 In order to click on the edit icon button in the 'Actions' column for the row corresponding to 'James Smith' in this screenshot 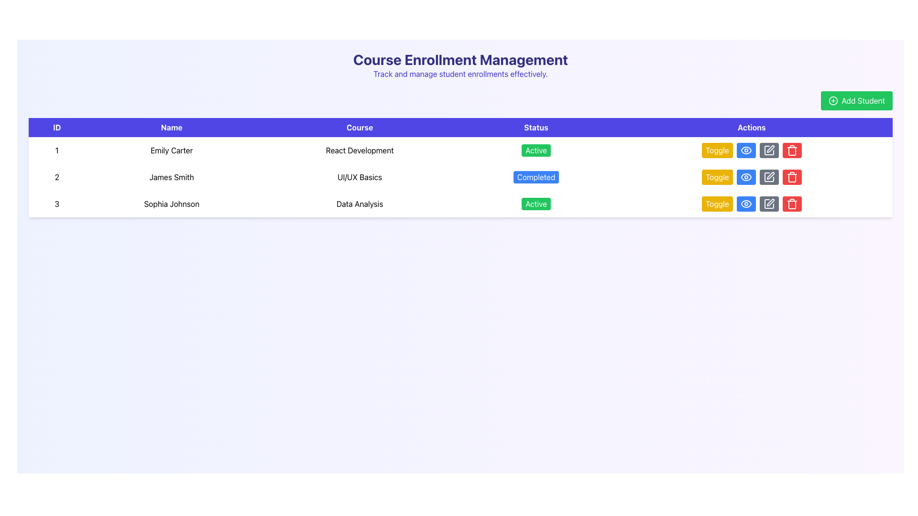, I will do `click(770, 149)`.